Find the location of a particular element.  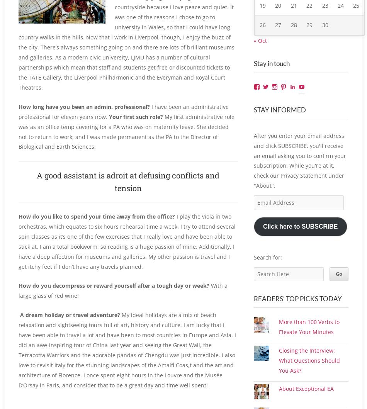

'26' is located at coordinates (262, 33).